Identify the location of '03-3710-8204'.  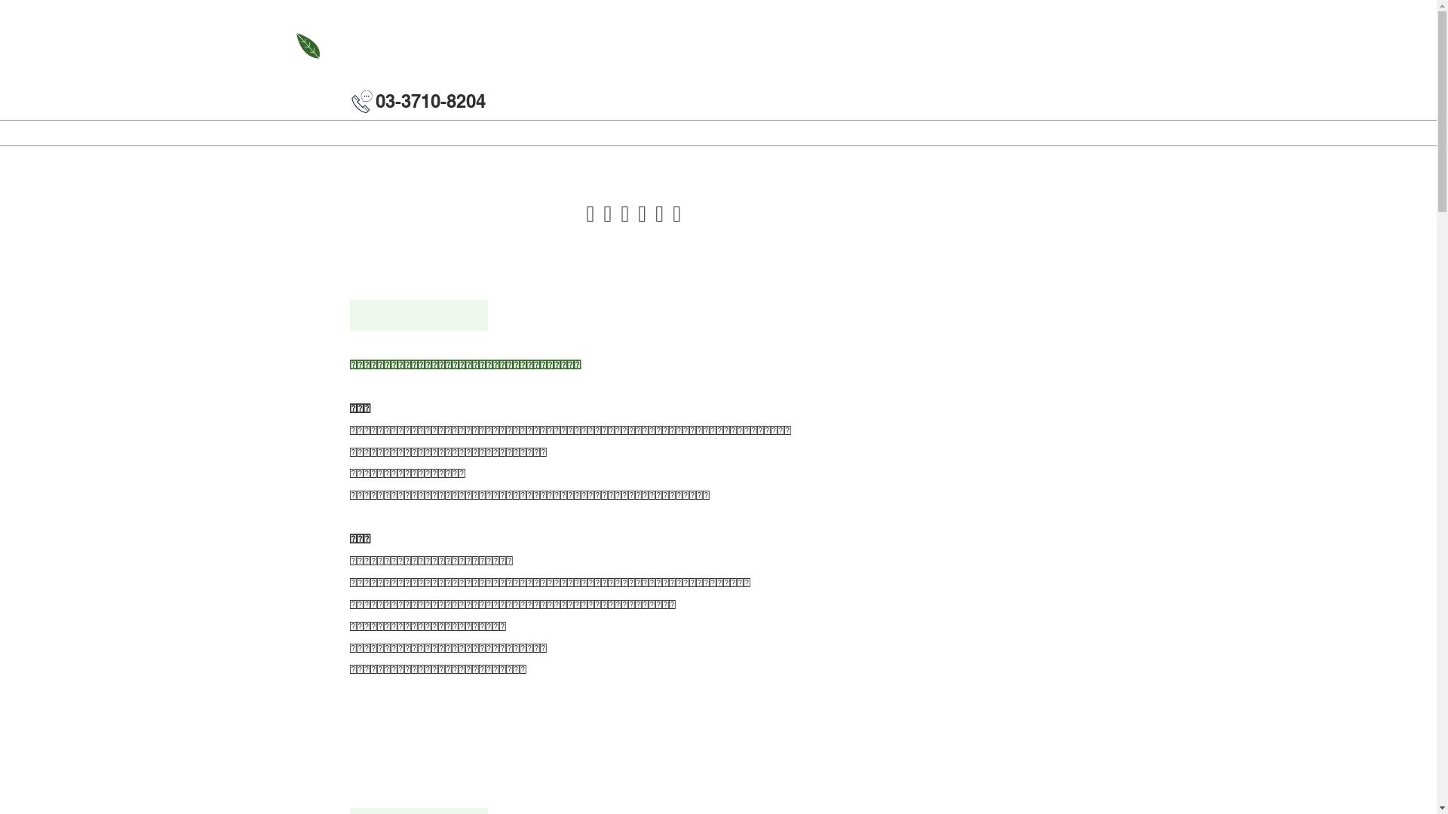
(376, 101).